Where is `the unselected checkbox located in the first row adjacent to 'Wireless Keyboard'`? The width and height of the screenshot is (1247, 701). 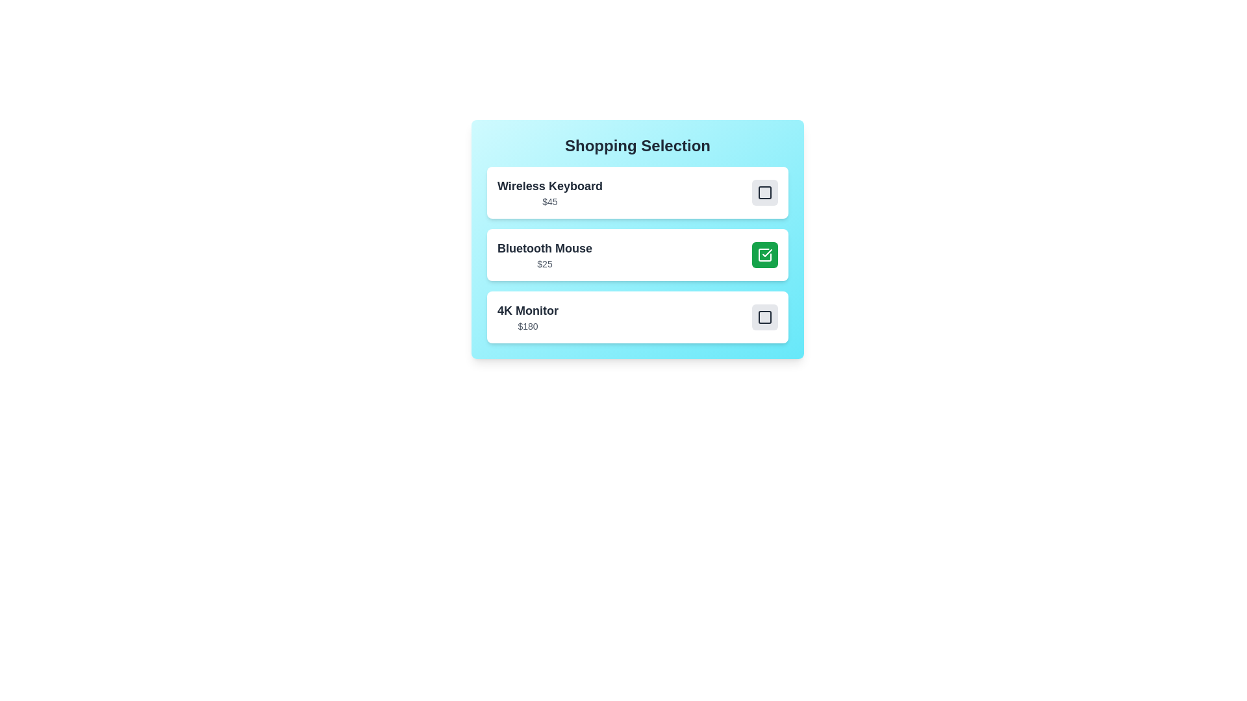
the unselected checkbox located in the first row adjacent to 'Wireless Keyboard' is located at coordinates (764, 193).